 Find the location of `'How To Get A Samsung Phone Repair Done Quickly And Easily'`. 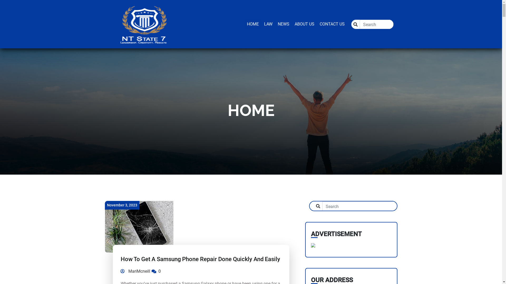

'How To Get A Samsung Phone Repair Done Quickly And Easily' is located at coordinates (120, 259).